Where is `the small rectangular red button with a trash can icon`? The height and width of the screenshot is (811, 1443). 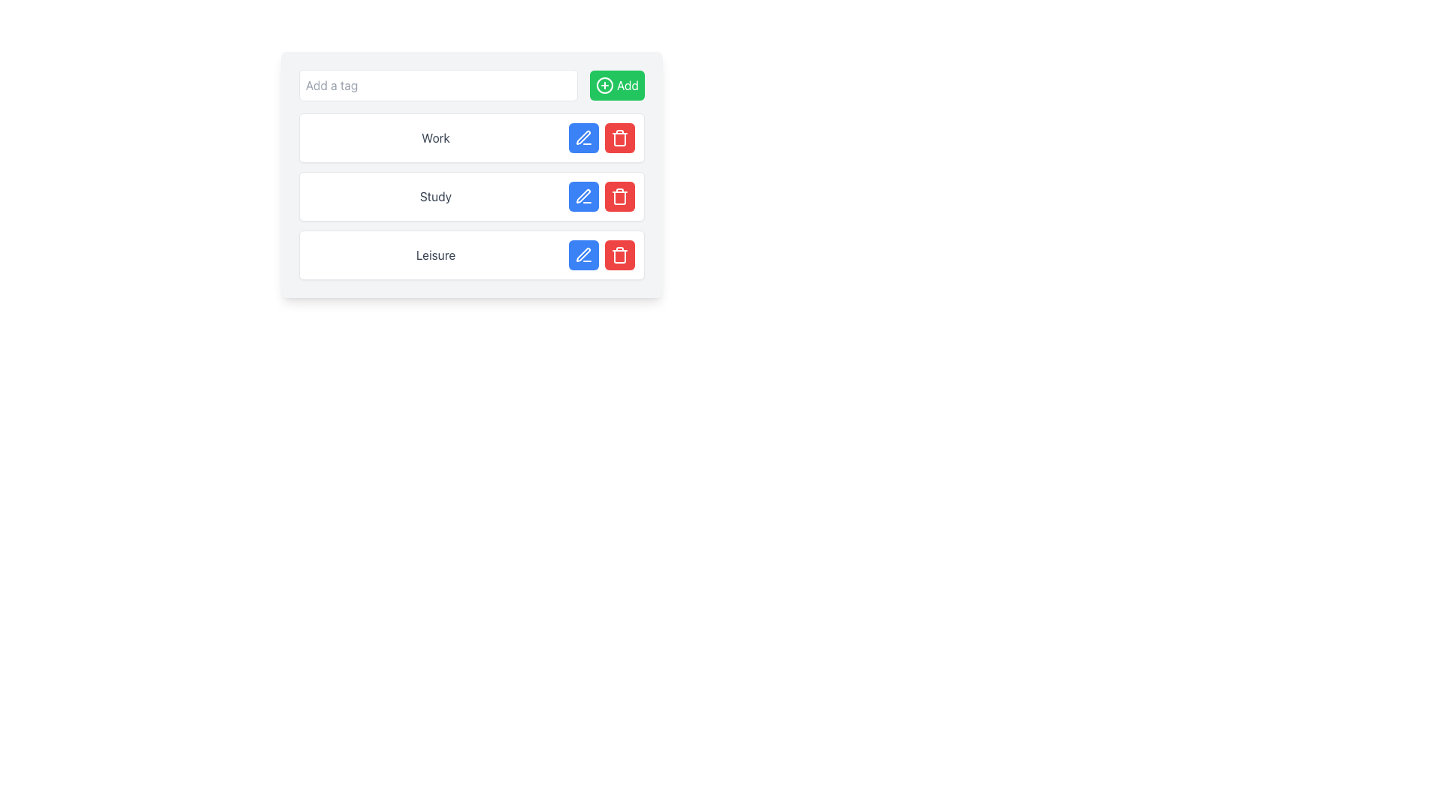 the small rectangular red button with a trash can icon is located at coordinates (620, 254).